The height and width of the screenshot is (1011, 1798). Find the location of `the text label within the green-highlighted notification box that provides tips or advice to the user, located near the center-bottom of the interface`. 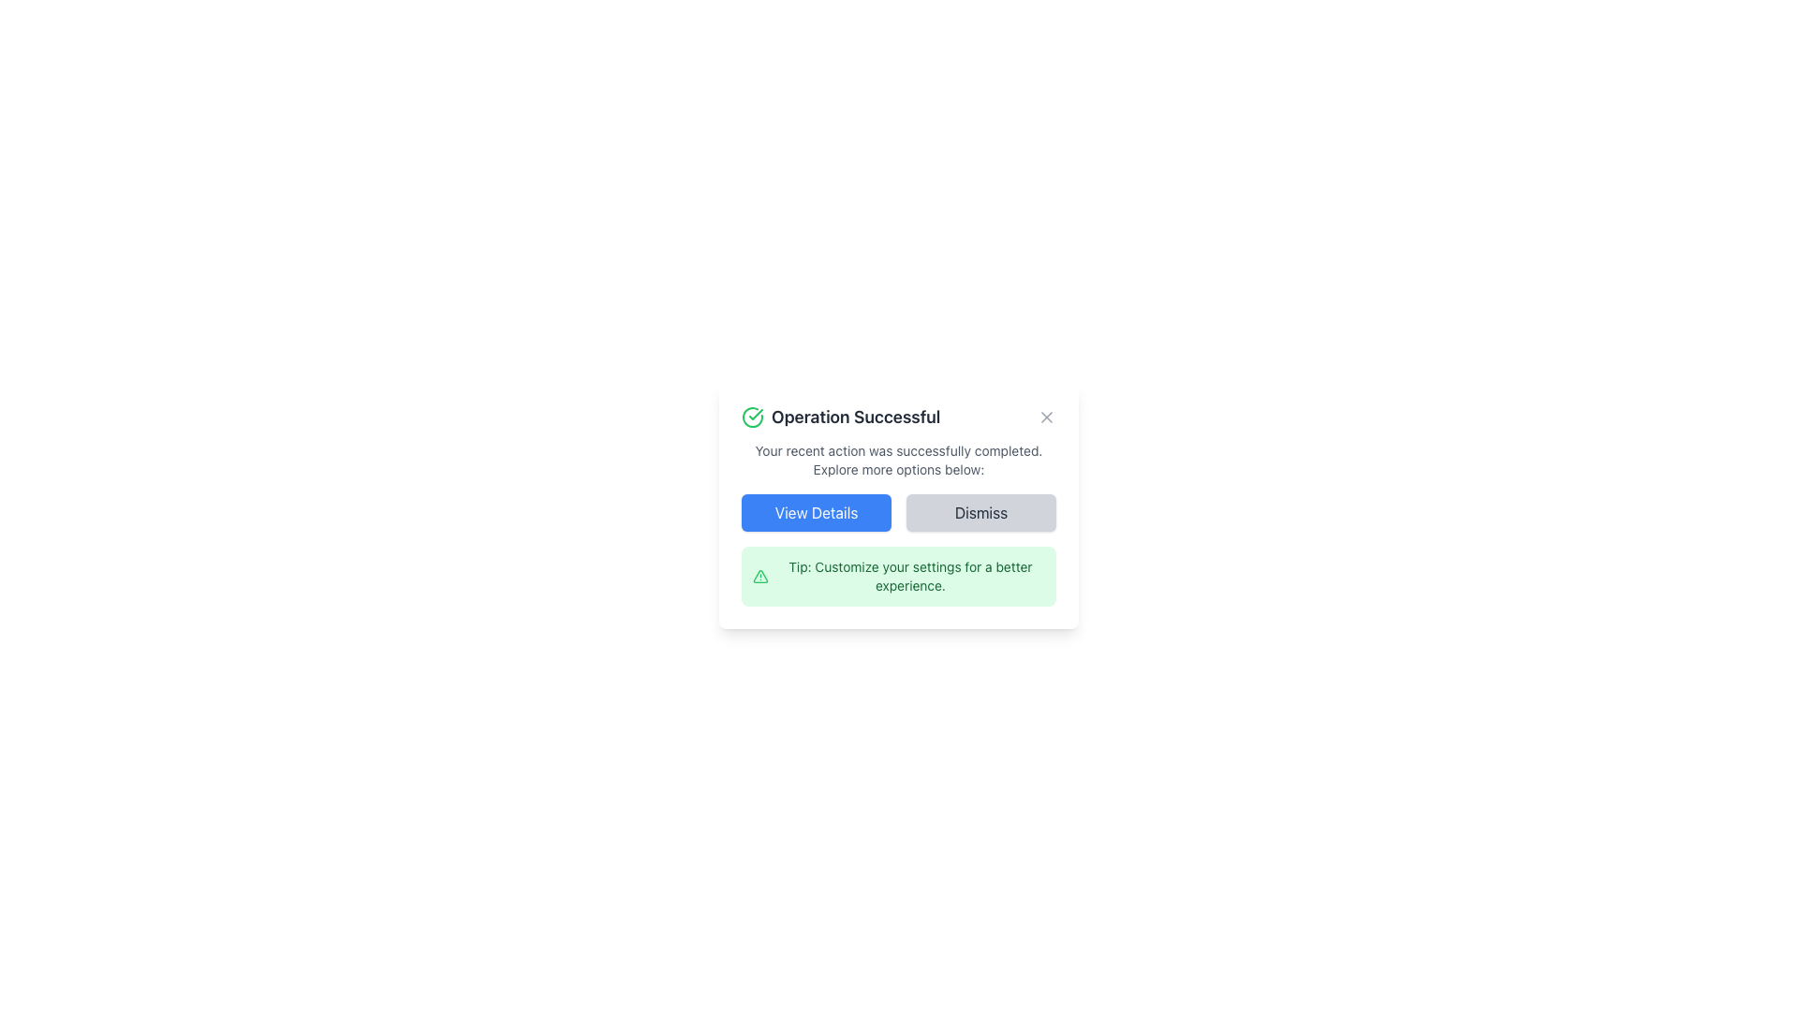

the text label within the green-highlighted notification box that provides tips or advice to the user, located near the center-bottom of the interface is located at coordinates (910, 576).